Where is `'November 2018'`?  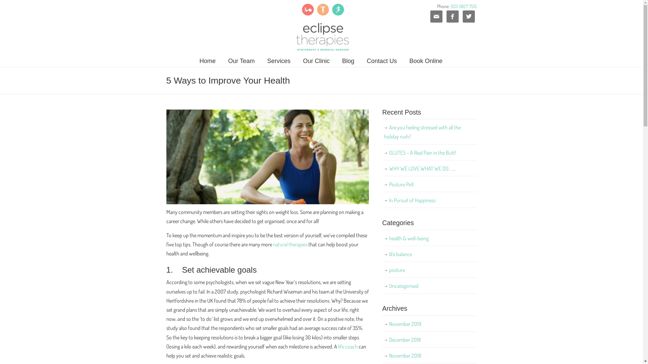
'November 2018' is located at coordinates (382, 355).